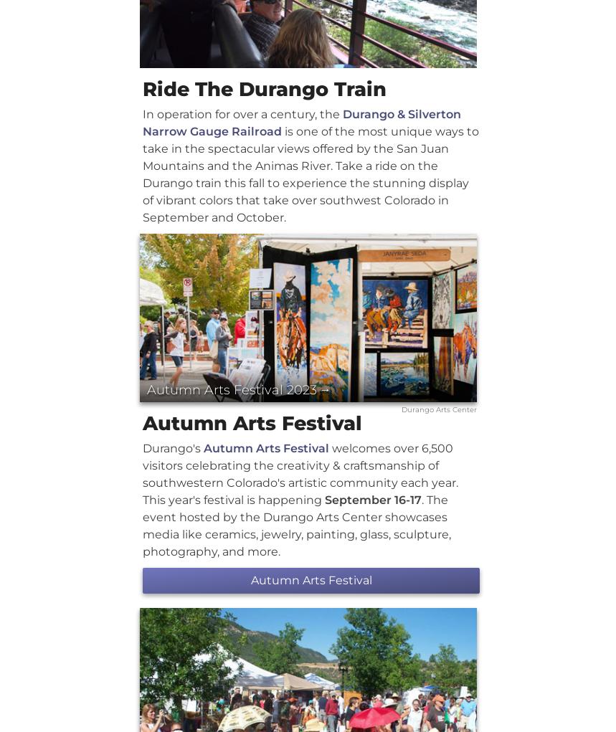 The width and height of the screenshot is (616, 732). I want to click on 'welcomes over 6,500 visitors celebrating the creativity & craftsmanship of southwestern Colorado's artistic community each year. This year's festival is happening', so click(300, 472).